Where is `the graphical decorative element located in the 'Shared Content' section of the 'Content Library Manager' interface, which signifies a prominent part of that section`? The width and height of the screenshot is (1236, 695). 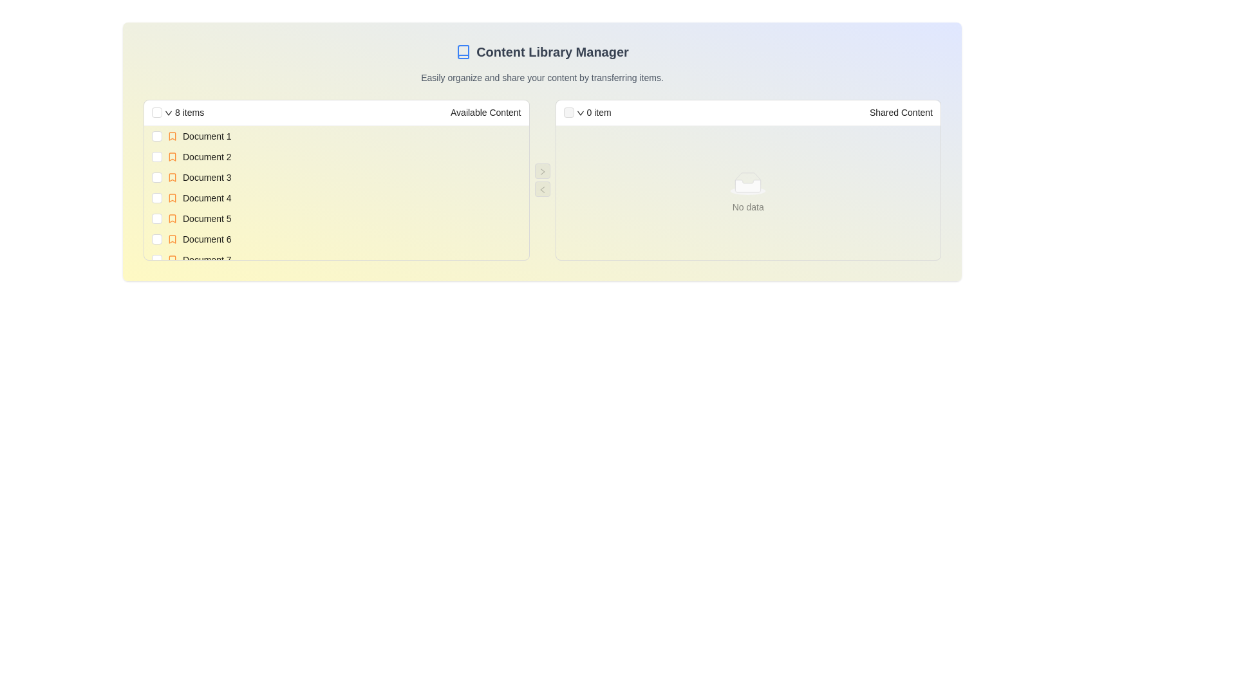
the graphical decorative element located in the 'Shared Content' section of the 'Content Library Manager' interface, which signifies a prominent part of that section is located at coordinates (748, 178).